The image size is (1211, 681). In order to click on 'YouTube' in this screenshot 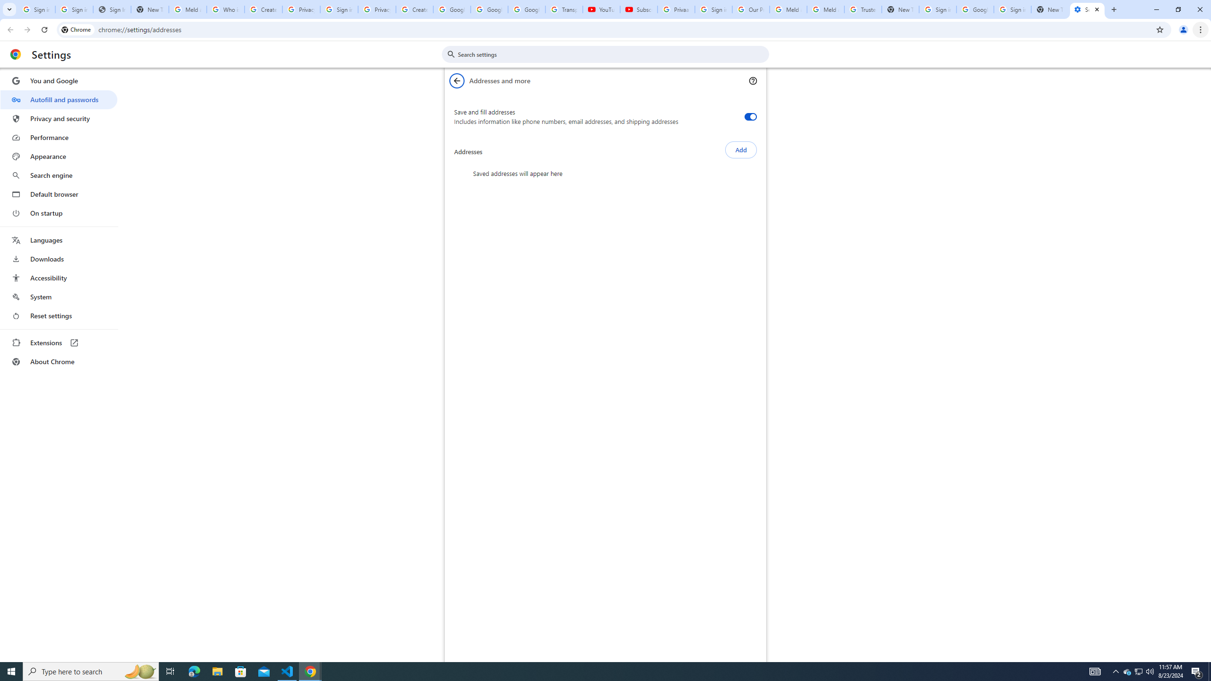, I will do `click(601, 9)`.